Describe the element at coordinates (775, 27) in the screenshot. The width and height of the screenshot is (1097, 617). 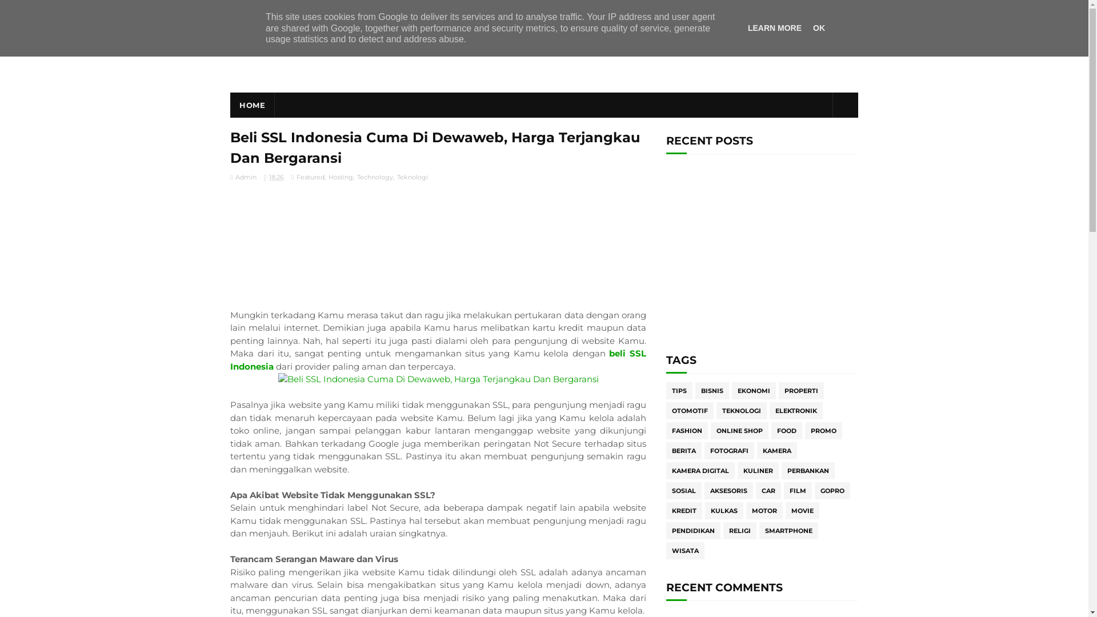
I see `'LEARN MORE'` at that location.